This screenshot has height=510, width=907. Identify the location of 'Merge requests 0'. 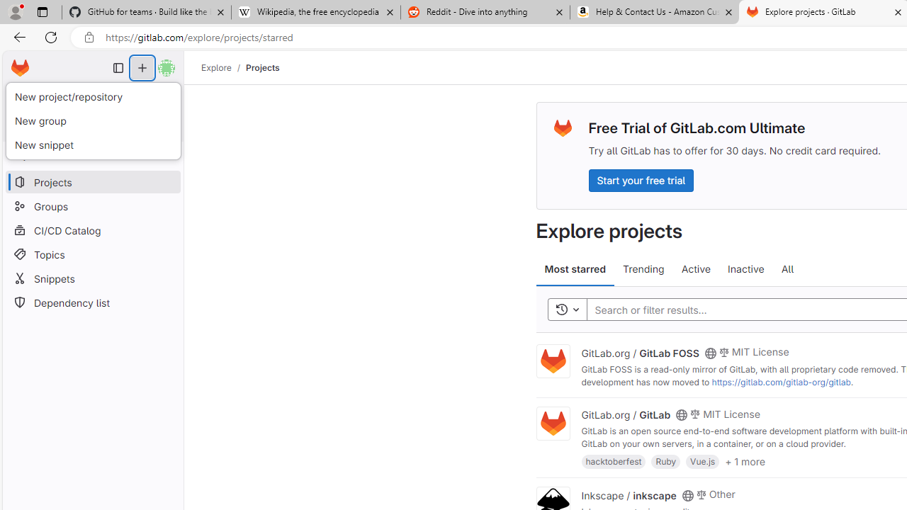
(92, 96).